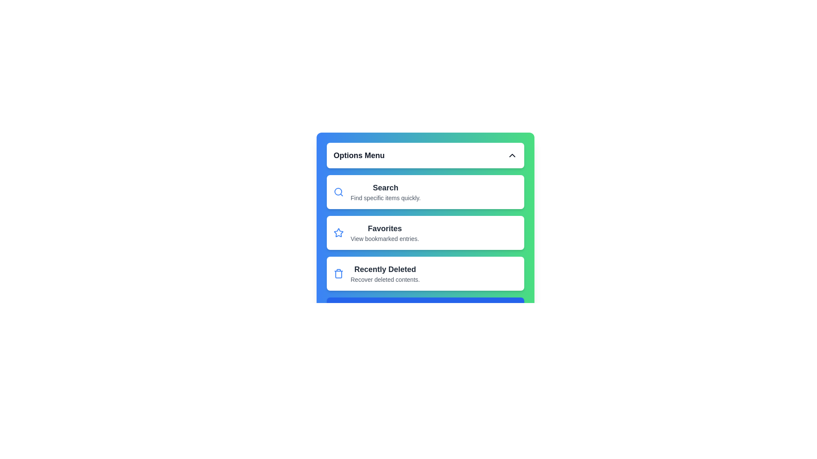  What do you see at coordinates (338, 274) in the screenshot?
I see `the blue trash bin icon located in the 'Recently Deleted' section of the Options Menu, which is the third option below 'Favorites'` at bounding box center [338, 274].